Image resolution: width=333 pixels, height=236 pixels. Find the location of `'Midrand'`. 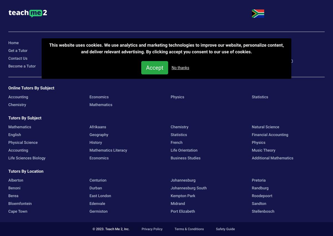

'Midrand' is located at coordinates (178, 204).